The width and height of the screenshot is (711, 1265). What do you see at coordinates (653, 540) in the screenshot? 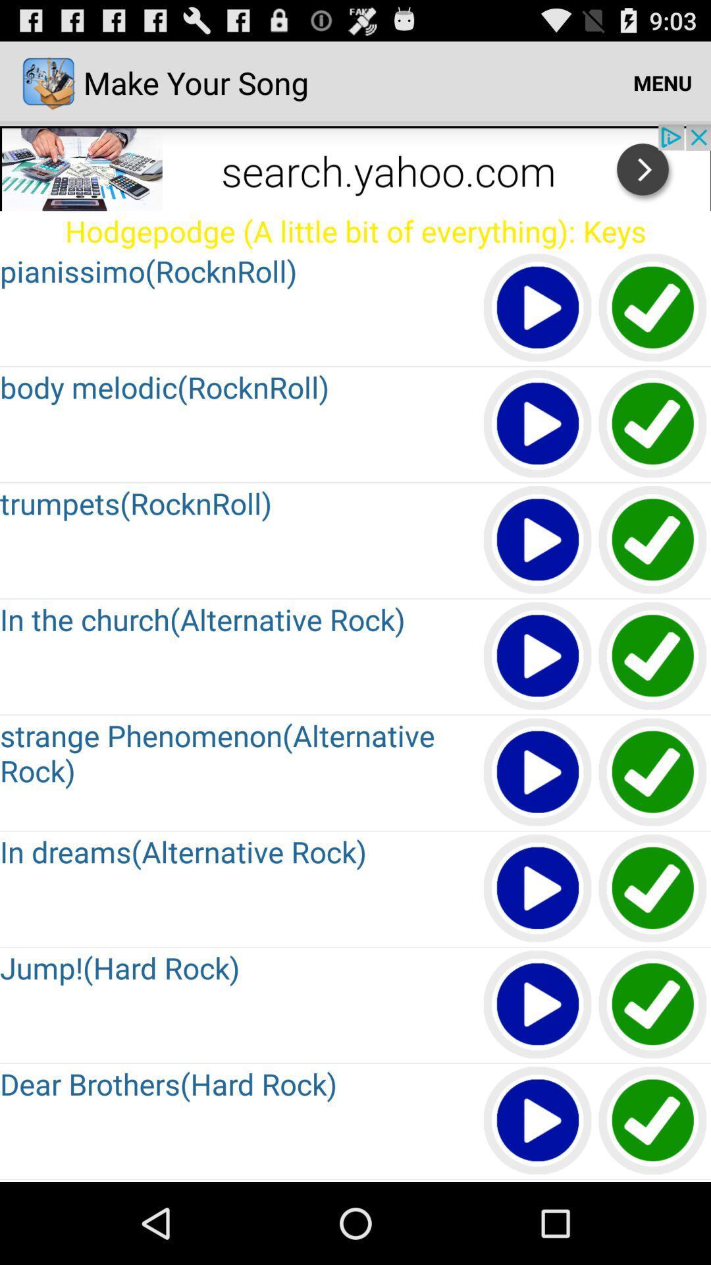
I see `button` at bounding box center [653, 540].